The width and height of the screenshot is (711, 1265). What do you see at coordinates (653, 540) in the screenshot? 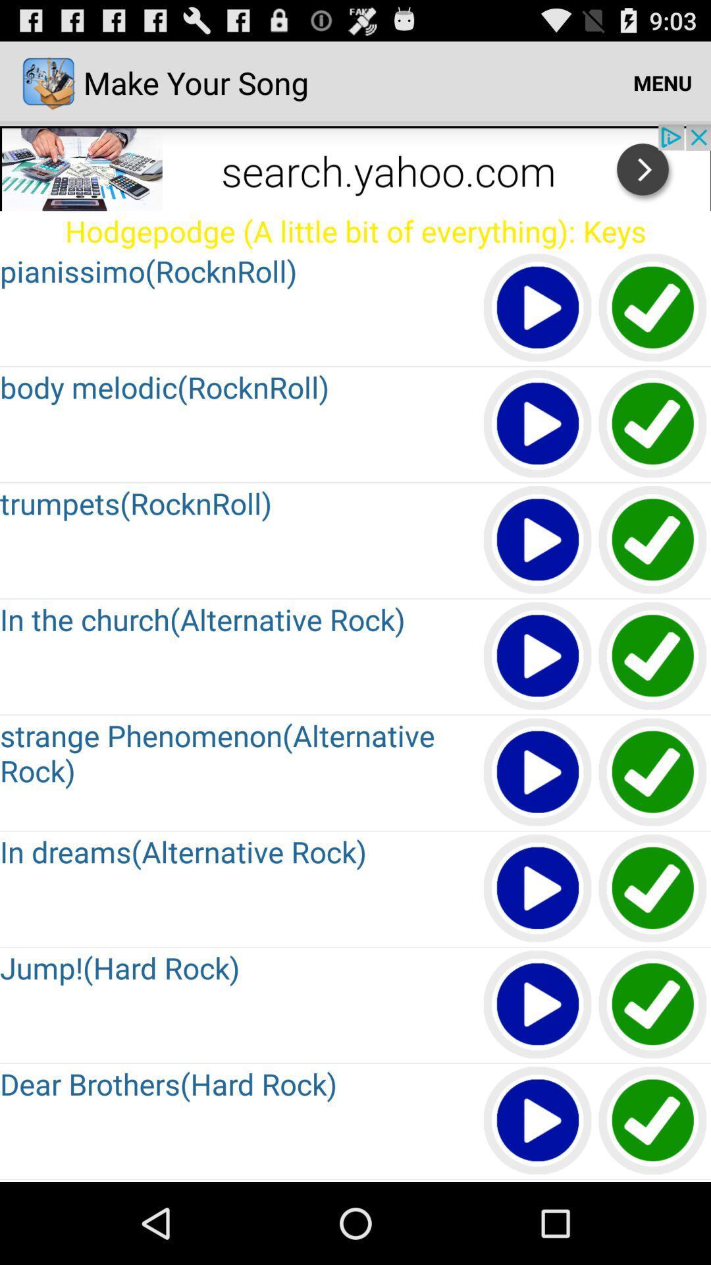
I see `button` at bounding box center [653, 540].